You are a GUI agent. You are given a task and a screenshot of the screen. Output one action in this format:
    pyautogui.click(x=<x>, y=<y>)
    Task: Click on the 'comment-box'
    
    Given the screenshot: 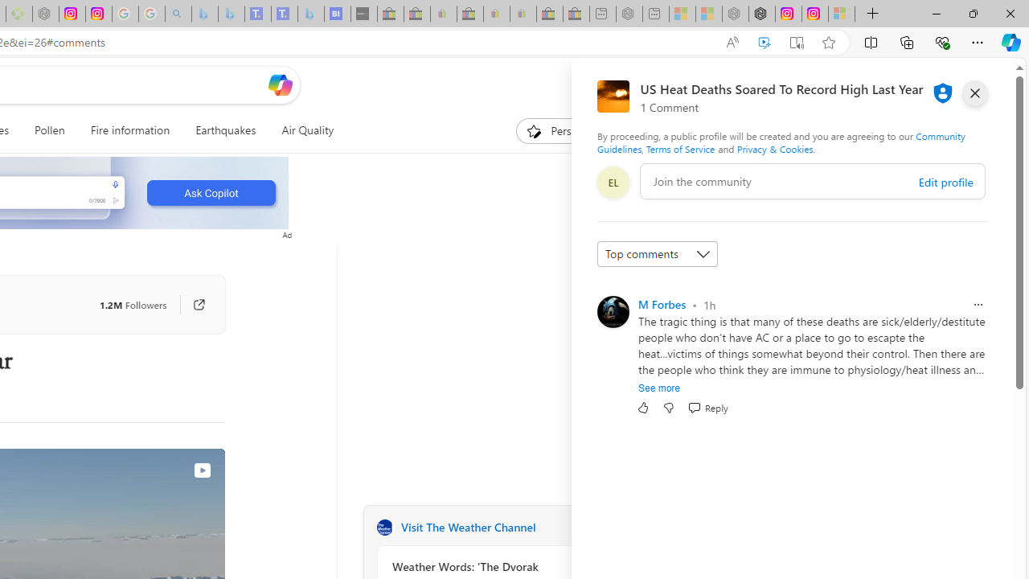 What is the action you would take?
    pyautogui.click(x=813, y=181)
    